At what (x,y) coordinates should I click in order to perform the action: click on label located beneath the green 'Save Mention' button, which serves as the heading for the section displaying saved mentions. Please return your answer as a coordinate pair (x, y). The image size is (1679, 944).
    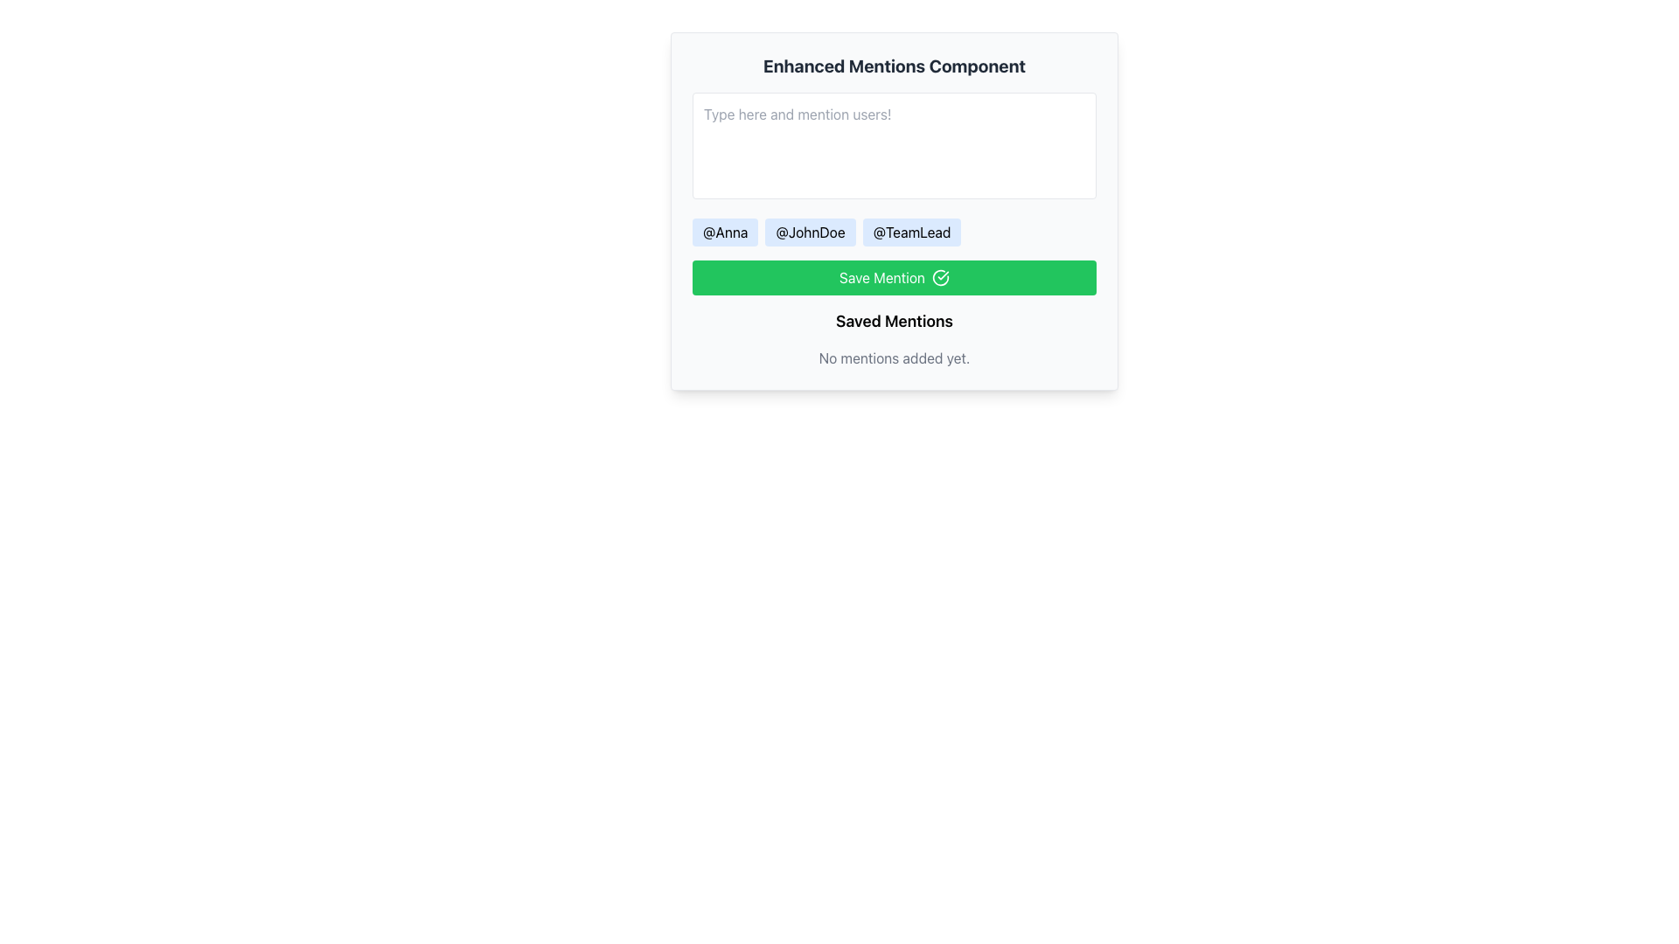
    Looking at the image, I should click on (894, 321).